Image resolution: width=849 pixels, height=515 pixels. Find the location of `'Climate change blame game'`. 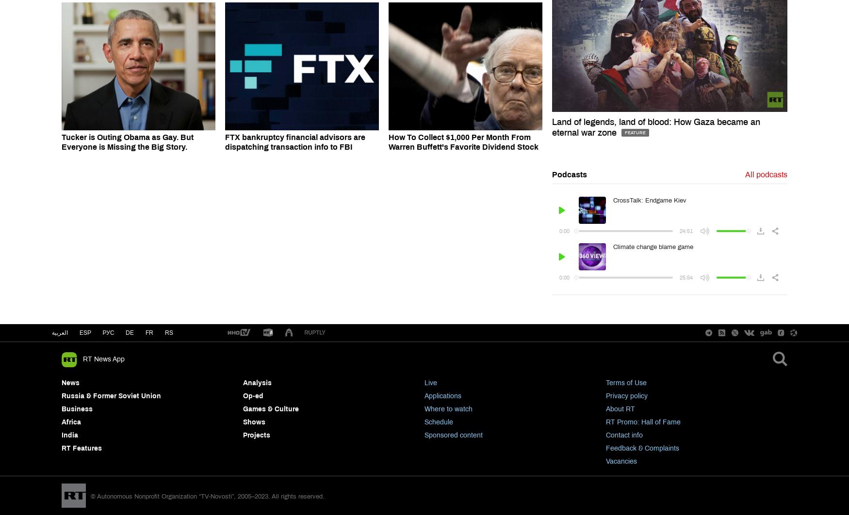

'Climate change blame game' is located at coordinates (653, 246).